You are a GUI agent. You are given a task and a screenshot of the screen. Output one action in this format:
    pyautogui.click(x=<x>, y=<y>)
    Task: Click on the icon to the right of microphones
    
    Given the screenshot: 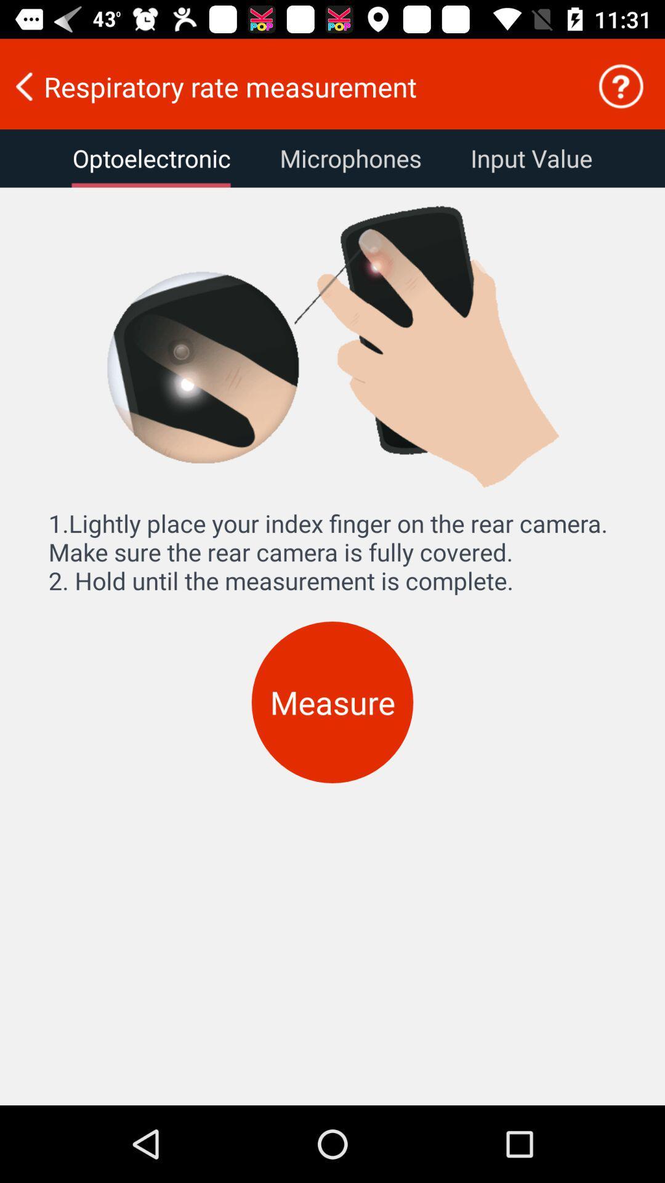 What is the action you would take?
    pyautogui.click(x=531, y=158)
    